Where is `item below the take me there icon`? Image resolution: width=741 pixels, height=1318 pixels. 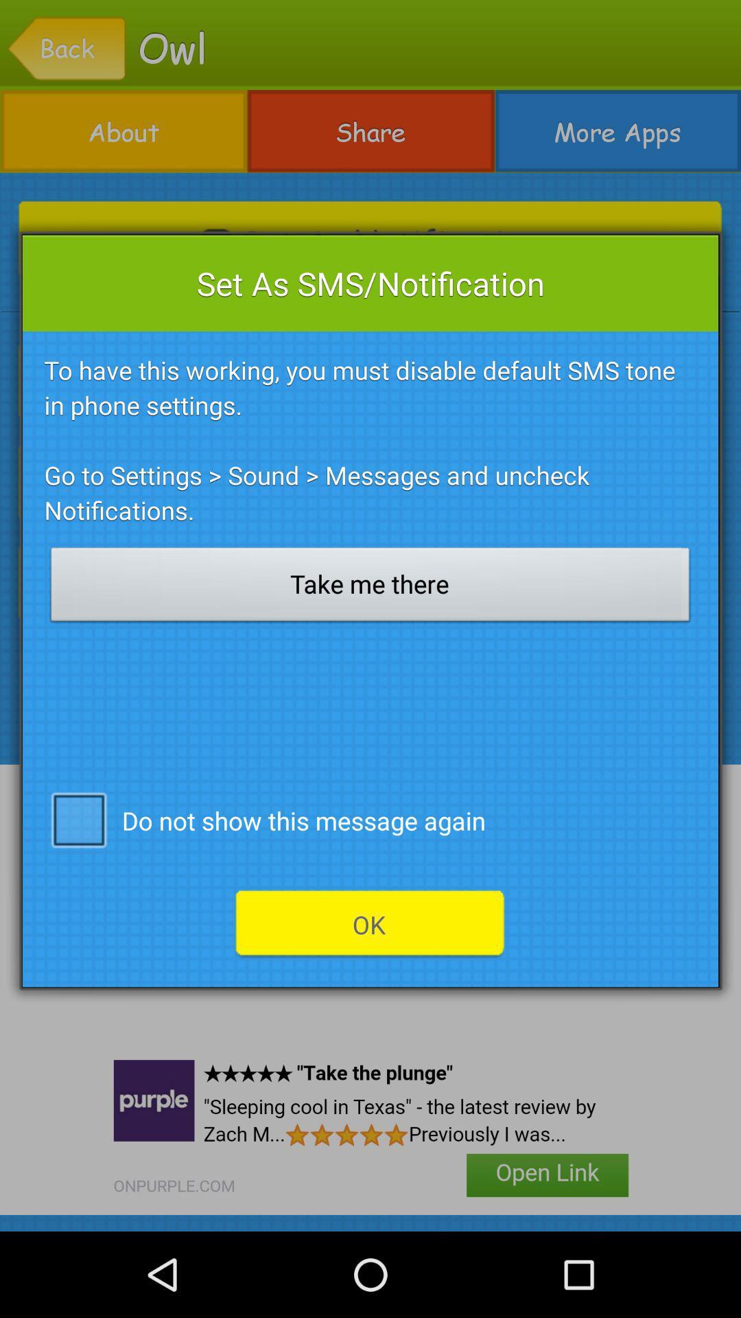
item below the take me there icon is located at coordinates (78, 819).